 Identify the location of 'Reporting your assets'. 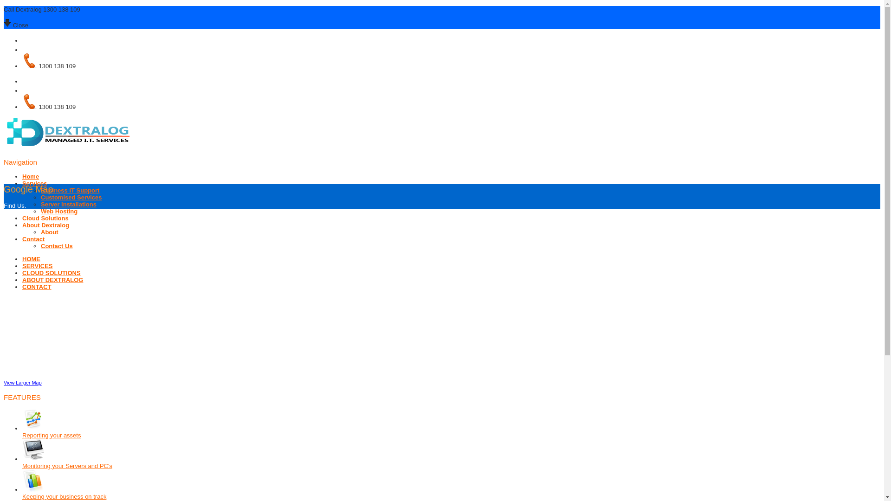
(51, 435).